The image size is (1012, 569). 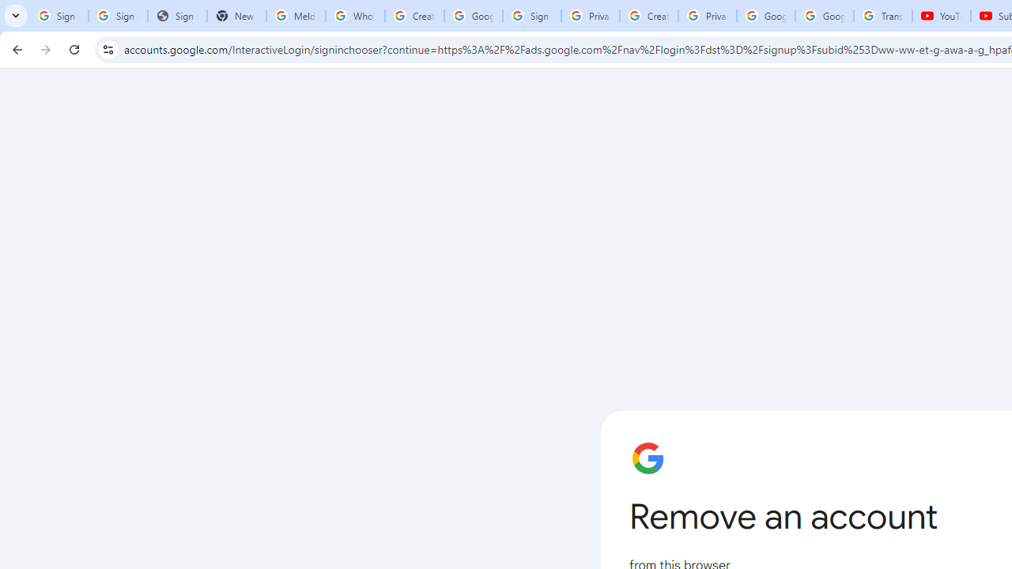 I want to click on 'Who is my administrator? - Google Account Help', so click(x=354, y=16).